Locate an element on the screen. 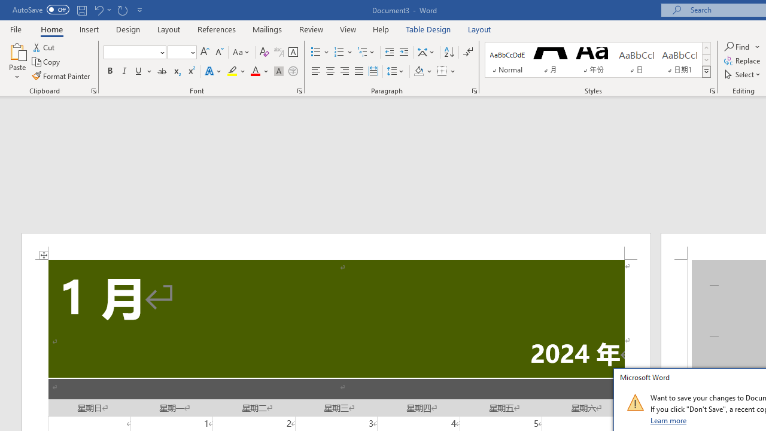  'Styles' is located at coordinates (706, 72).